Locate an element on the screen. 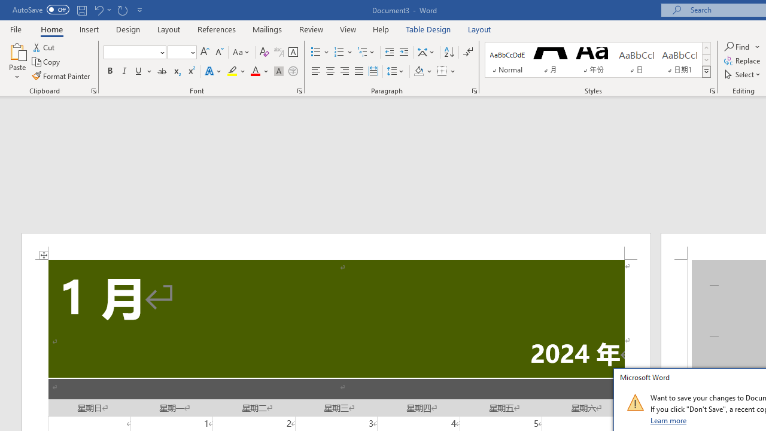  'Styles' is located at coordinates (706, 72).